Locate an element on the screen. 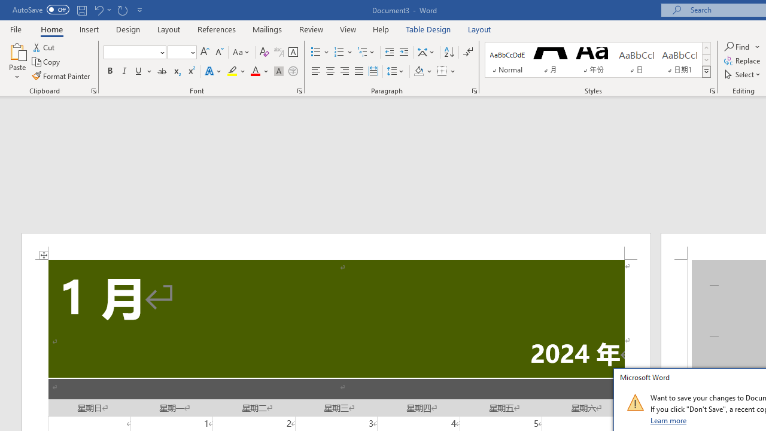  'Styles' is located at coordinates (706, 72).